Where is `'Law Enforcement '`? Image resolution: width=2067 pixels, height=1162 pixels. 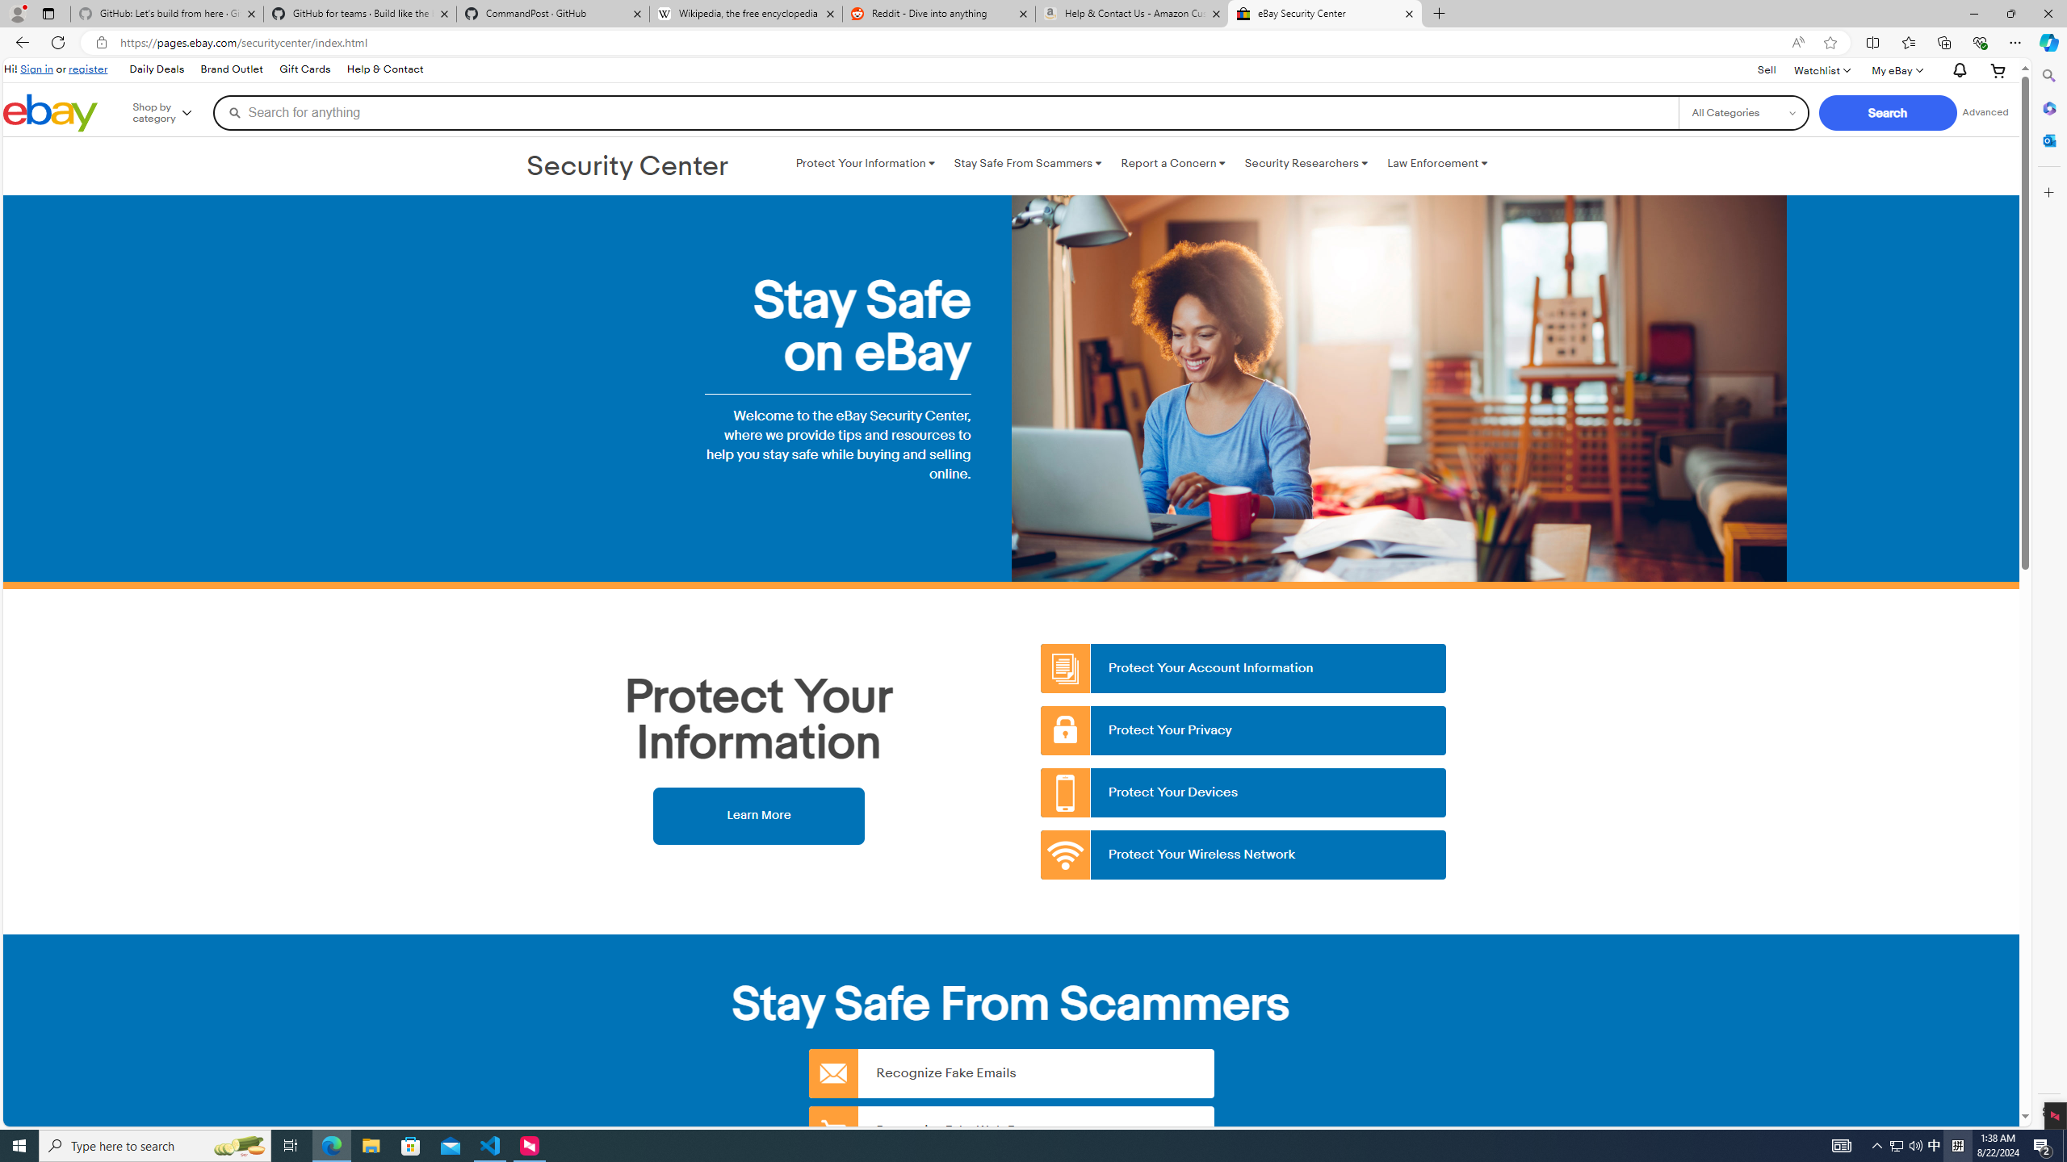 'Law Enforcement ' is located at coordinates (1437, 163).